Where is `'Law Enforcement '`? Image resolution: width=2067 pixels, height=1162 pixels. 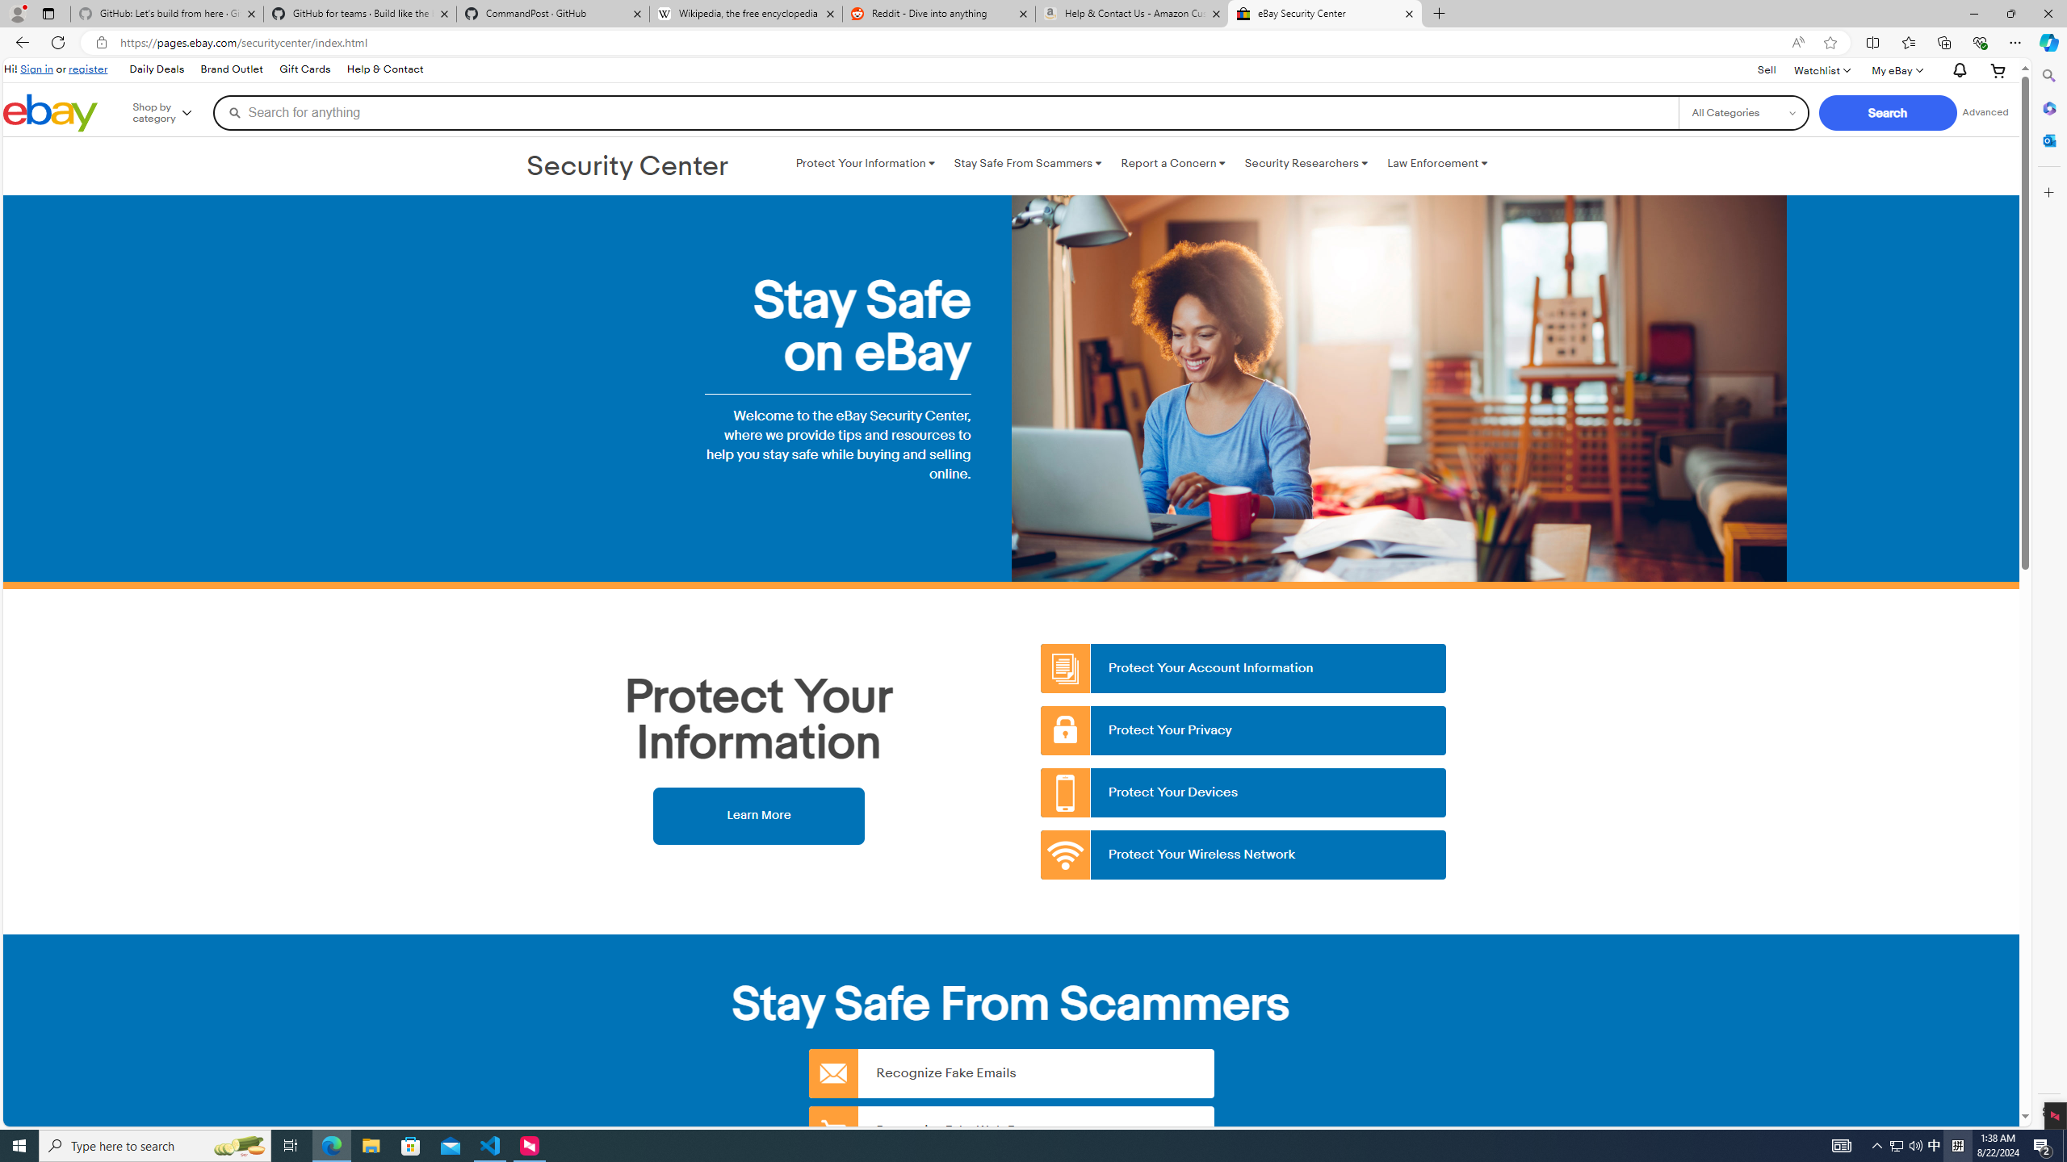 'Law Enforcement ' is located at coordinates (1437, 163).